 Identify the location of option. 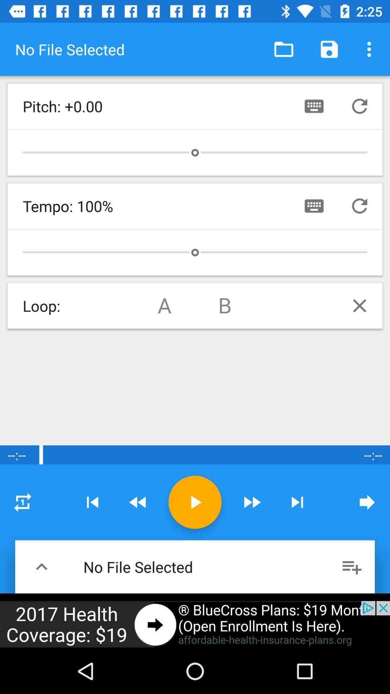
(22, 502).